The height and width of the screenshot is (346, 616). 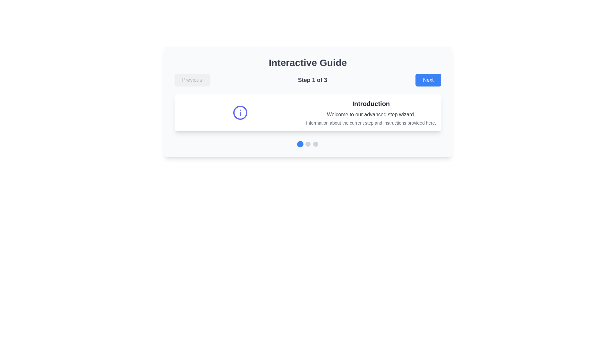 I want to click on the third circular progress indicator located at the bottom-center of the layout, so click(x=315, y=144).